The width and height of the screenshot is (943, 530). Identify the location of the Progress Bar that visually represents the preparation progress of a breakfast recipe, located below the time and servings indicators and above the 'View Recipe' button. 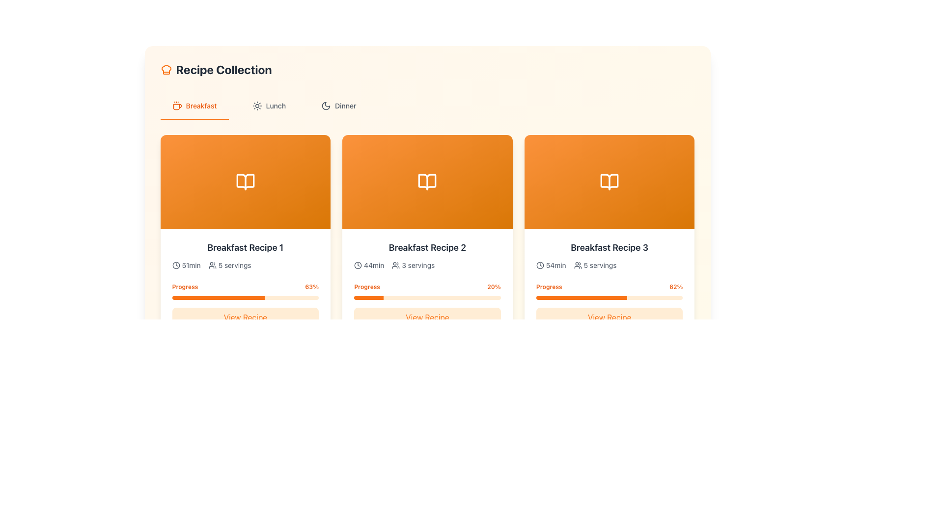
(427, 505).